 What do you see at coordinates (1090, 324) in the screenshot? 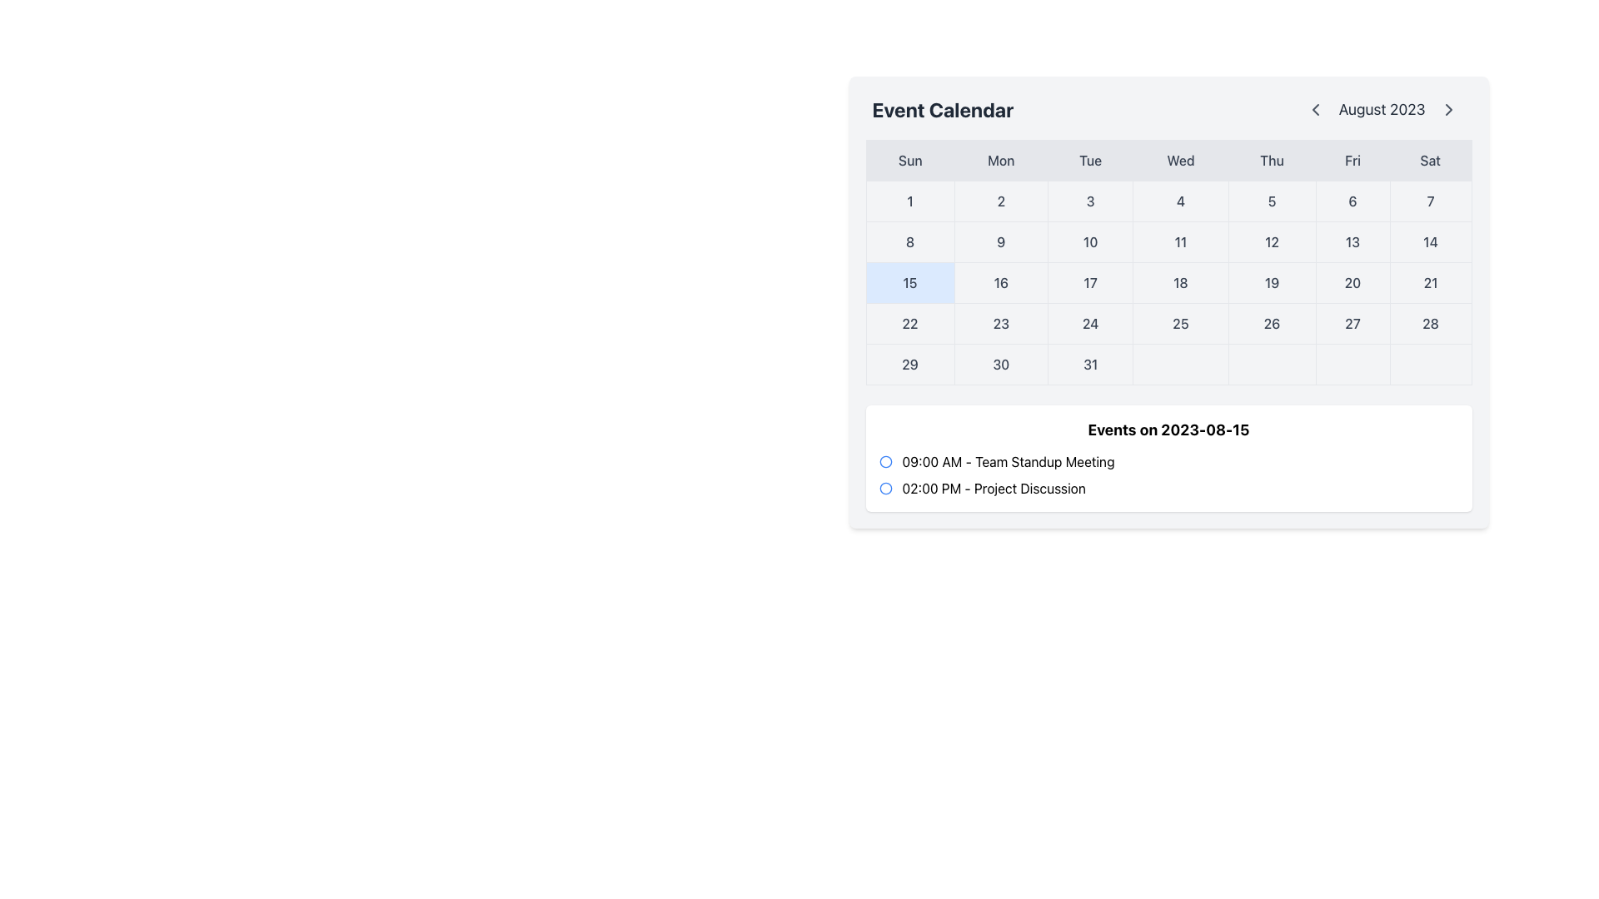
I see `on the Calendar Date Cell marked with the number '24' in the Event Calendar for August 2023` at bounding box center [1090, 324].